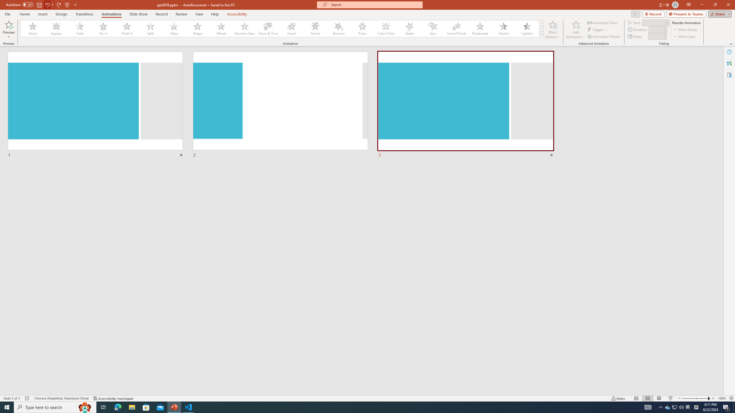 The height and width of the screenshot is (413, 735). What do you see at coordinates (386, 28) in the screenshot?
I see `'Color Pulse'` at bounding box center [386, 28].